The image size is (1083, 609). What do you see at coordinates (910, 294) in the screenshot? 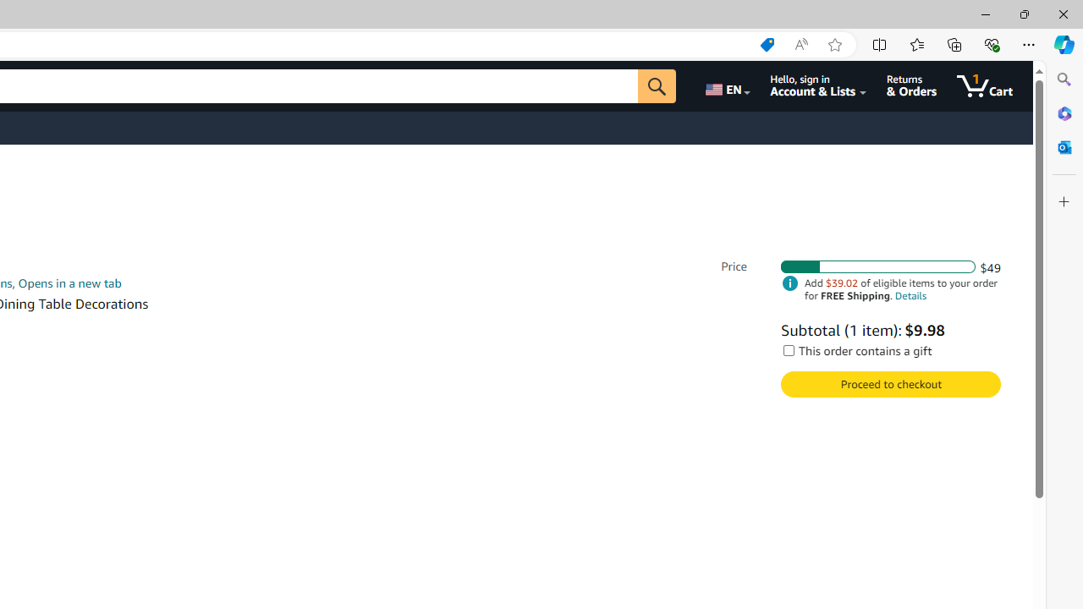
I see `'Details'` at bounding box center [910, 294].